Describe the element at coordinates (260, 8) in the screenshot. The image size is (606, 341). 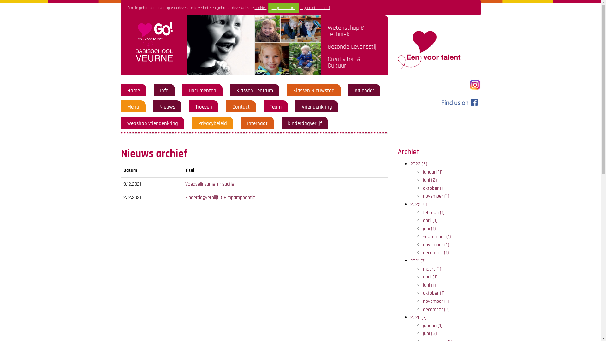
I see `'cookies'` at that location.